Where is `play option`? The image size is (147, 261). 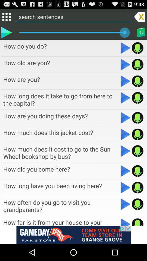 play option is located at coordinates (125, 204).